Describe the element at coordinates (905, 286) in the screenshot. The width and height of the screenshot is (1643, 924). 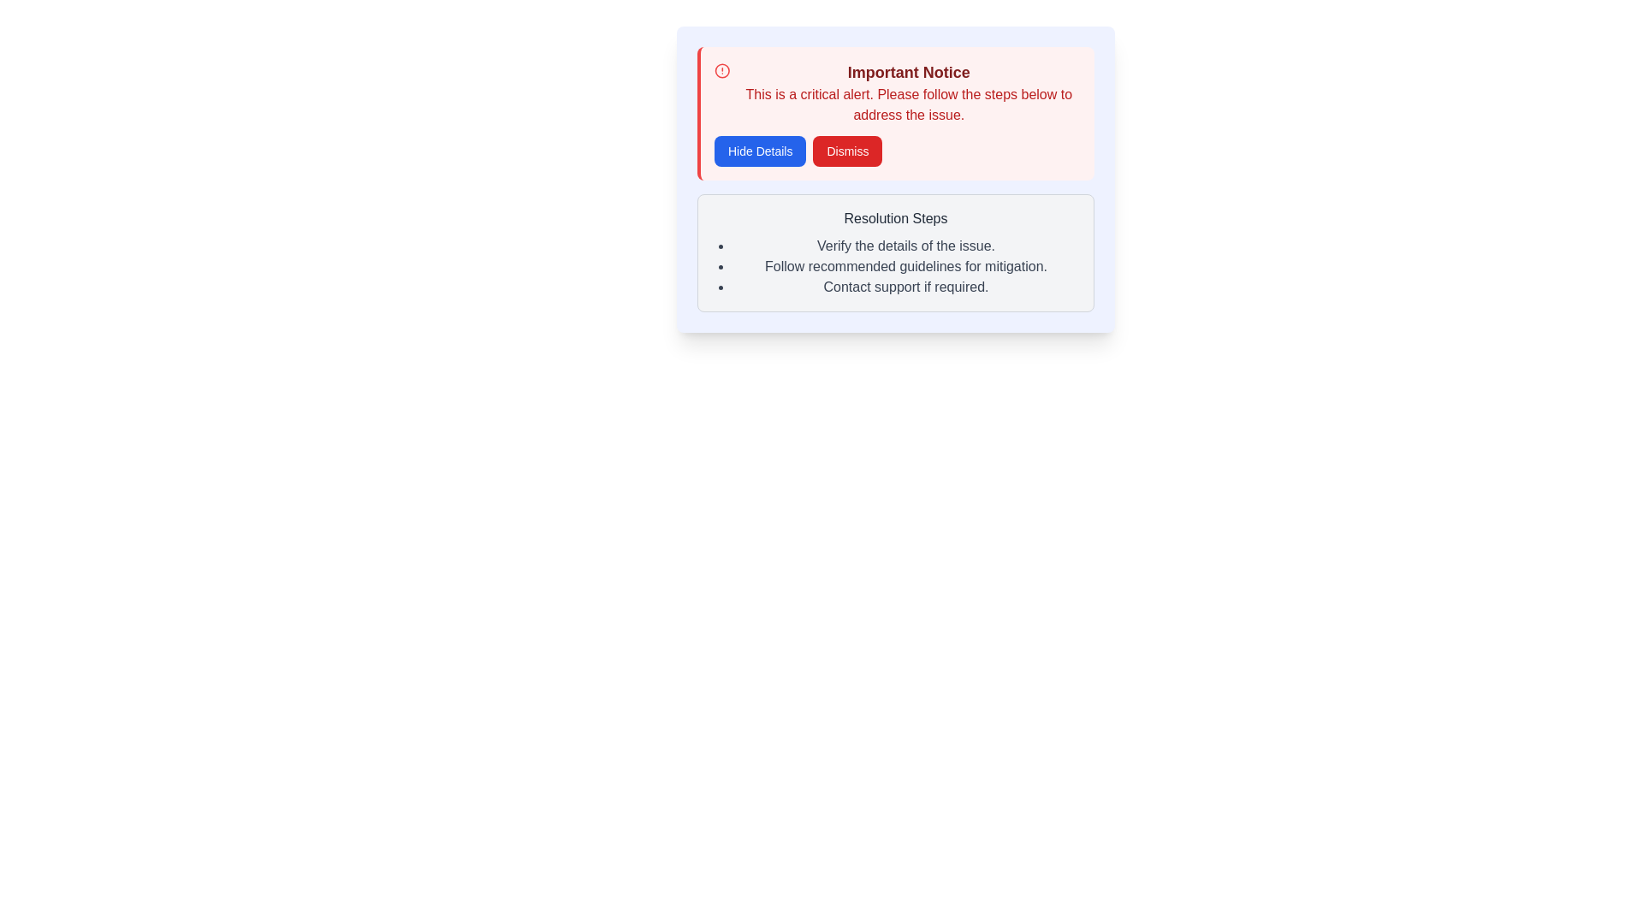
I see `information from the Text Label stating 'Contact support if required.' which is the third item in the bulleted list under the 'Resolution Steps' section` at that location.